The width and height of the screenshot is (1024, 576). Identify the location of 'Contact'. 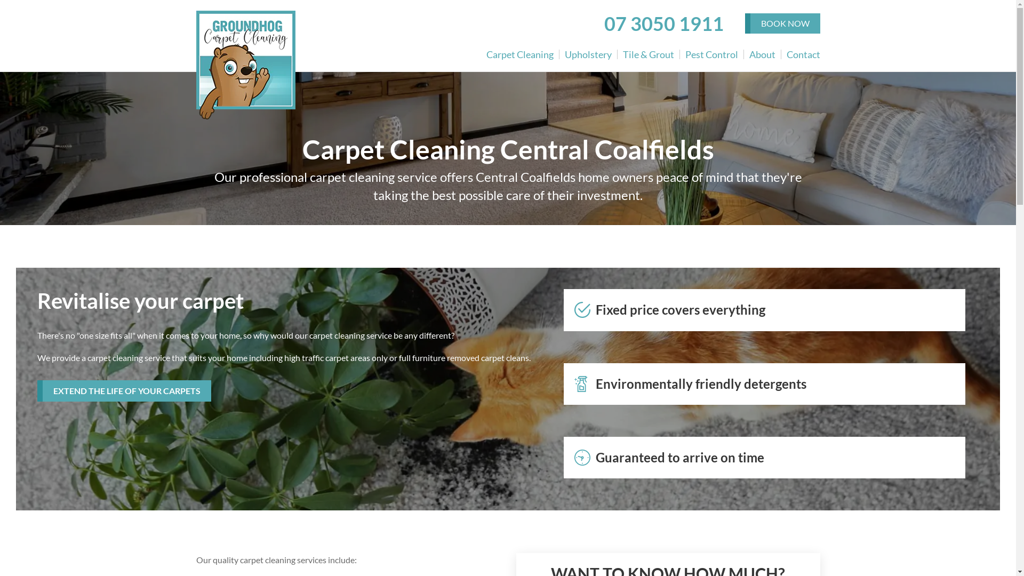
(800, 54).